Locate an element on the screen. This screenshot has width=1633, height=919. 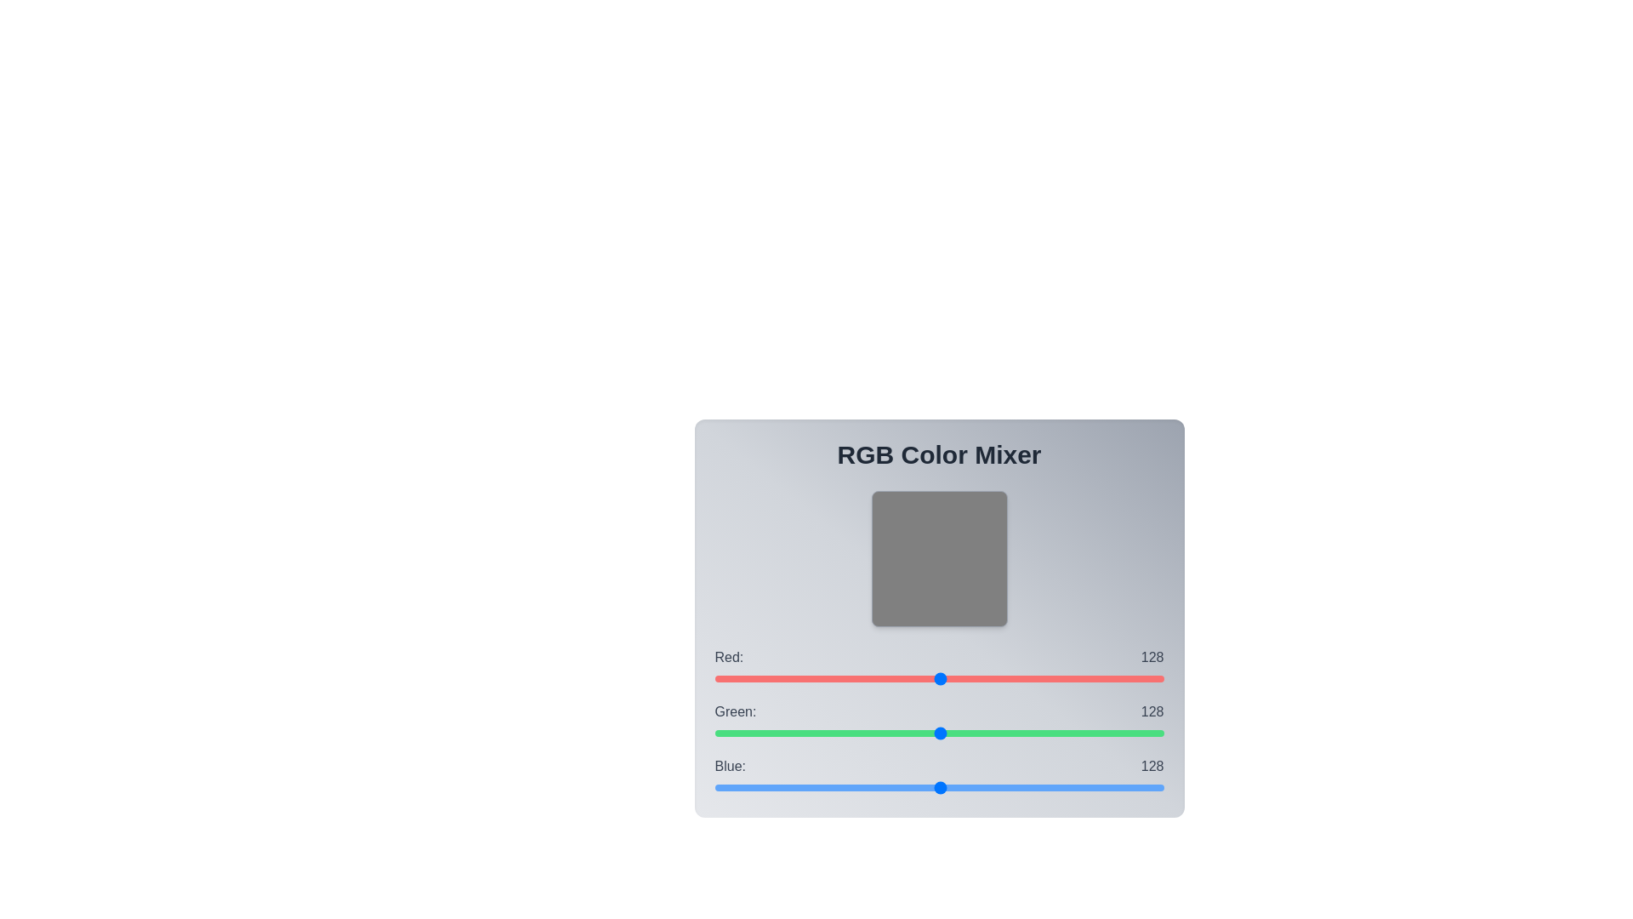
the blue slider to set the blue value to 46 is located at coordinates (794, 787).